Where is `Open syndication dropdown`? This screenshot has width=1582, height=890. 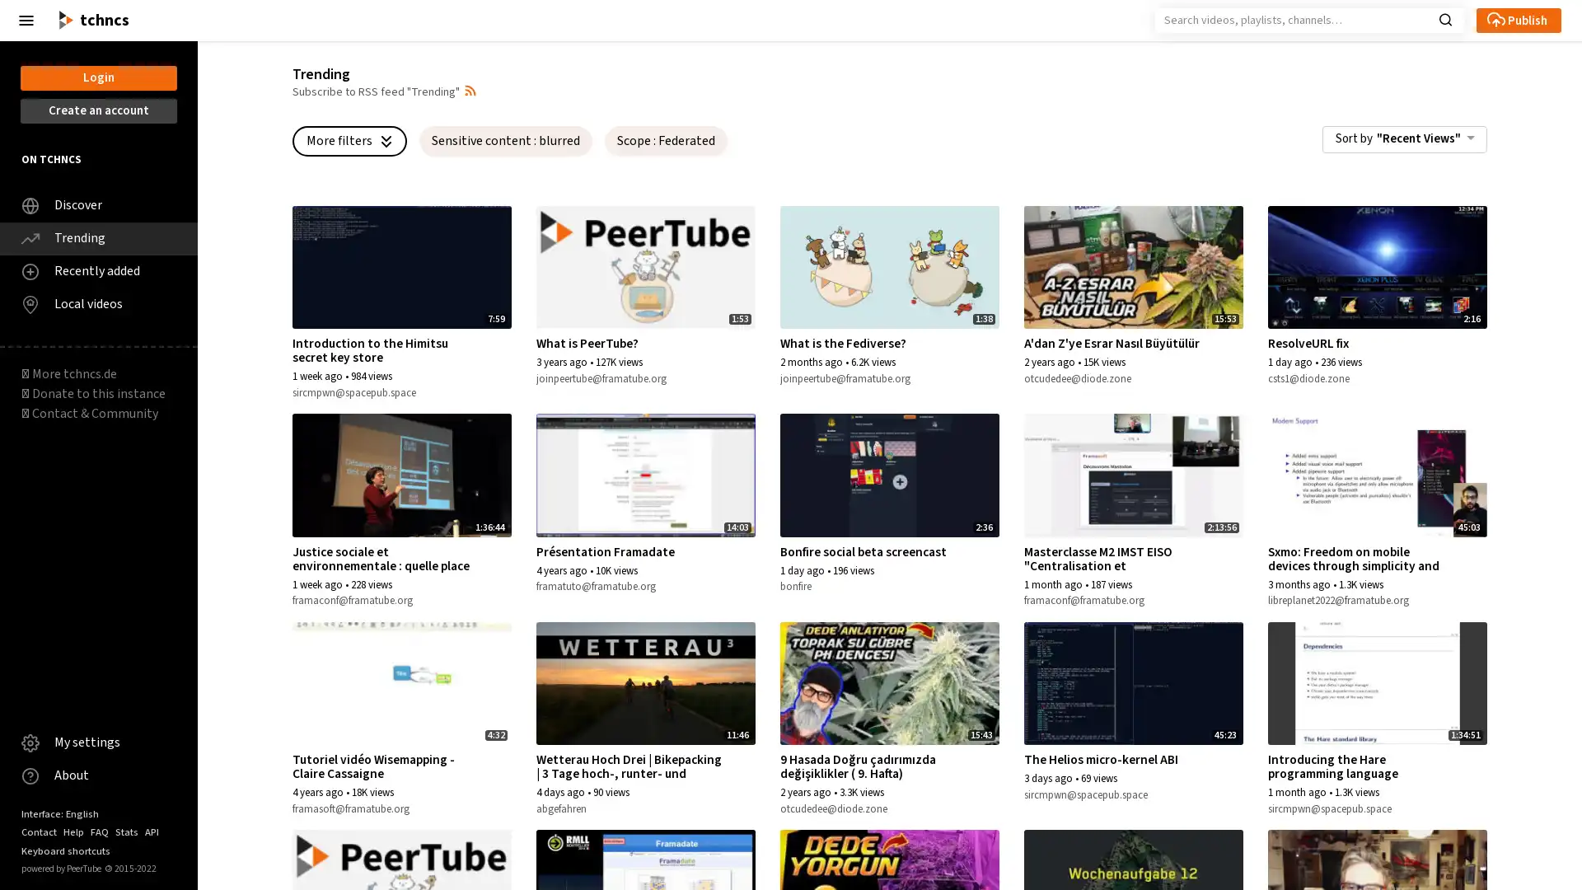 Open syndication dropdown is located at coordinates (470, 89).